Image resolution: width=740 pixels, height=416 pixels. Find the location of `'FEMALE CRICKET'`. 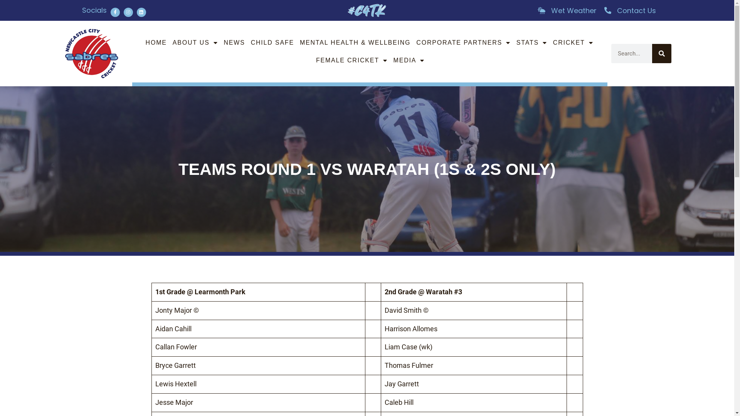

'FEMALE CRICKET' is located at coordinates (314, 60).